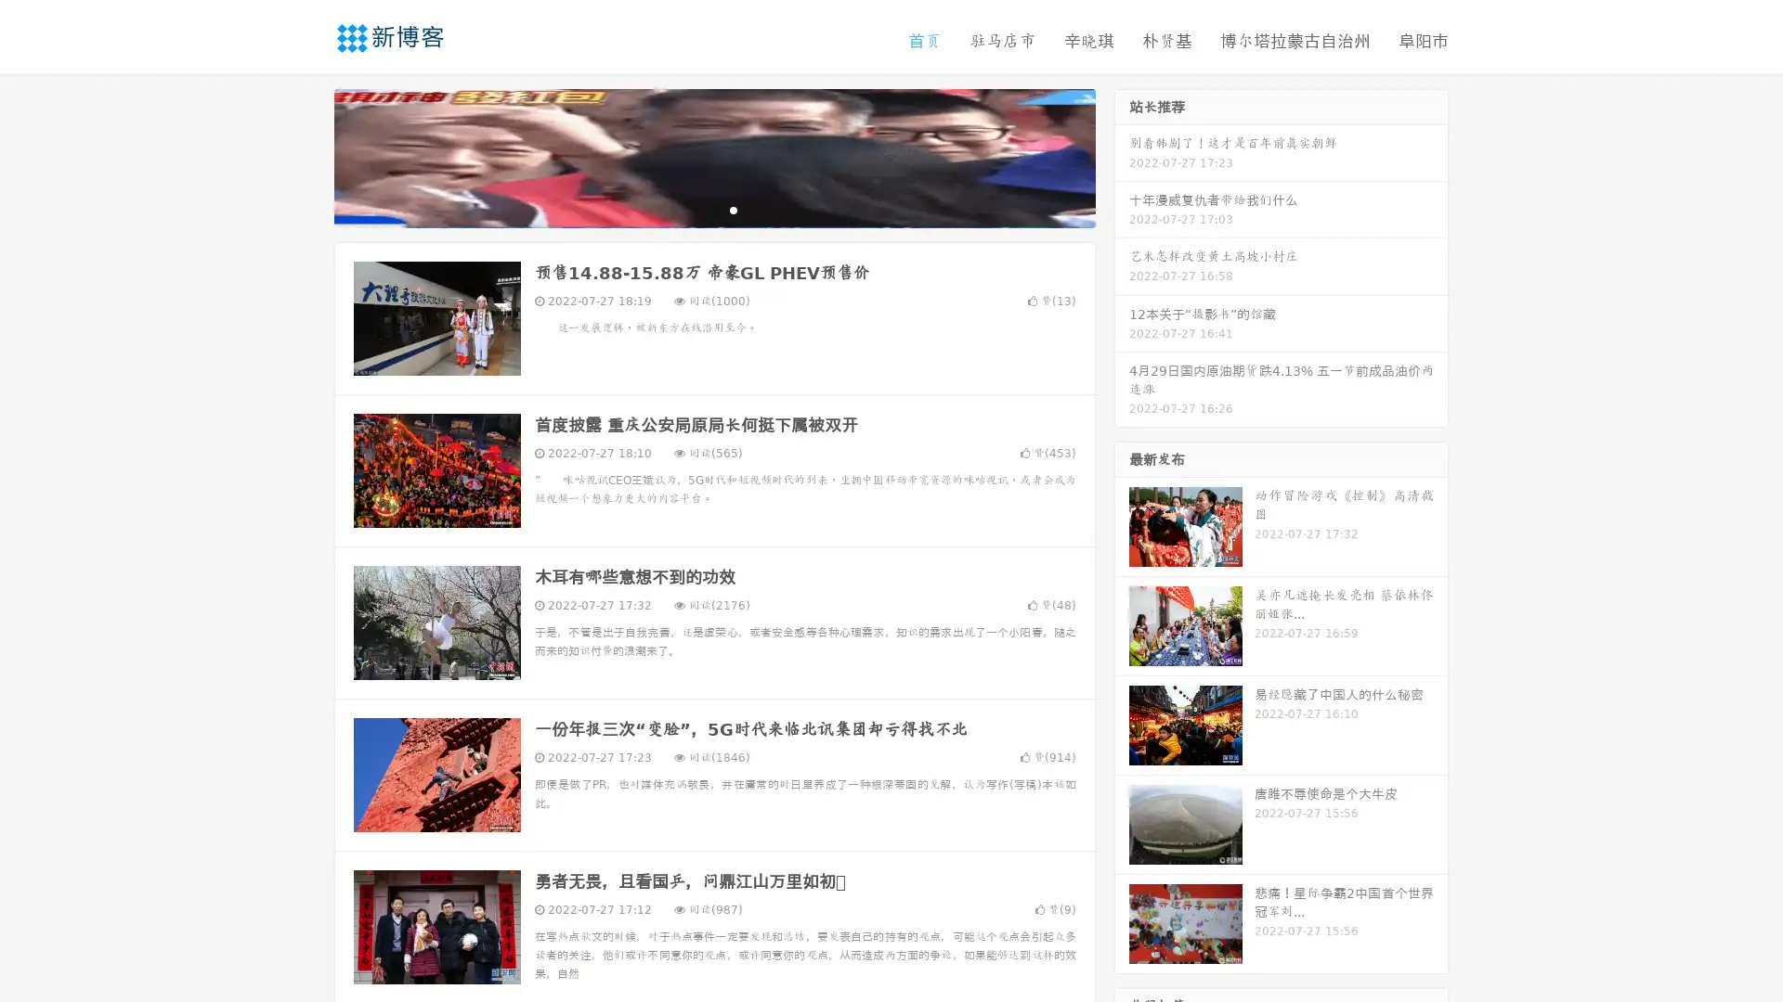 This screenshot has height=1002, width=1783. Describe the element at coordinates (1122, 156) in the screenshot. I see `Next slide` at that location.